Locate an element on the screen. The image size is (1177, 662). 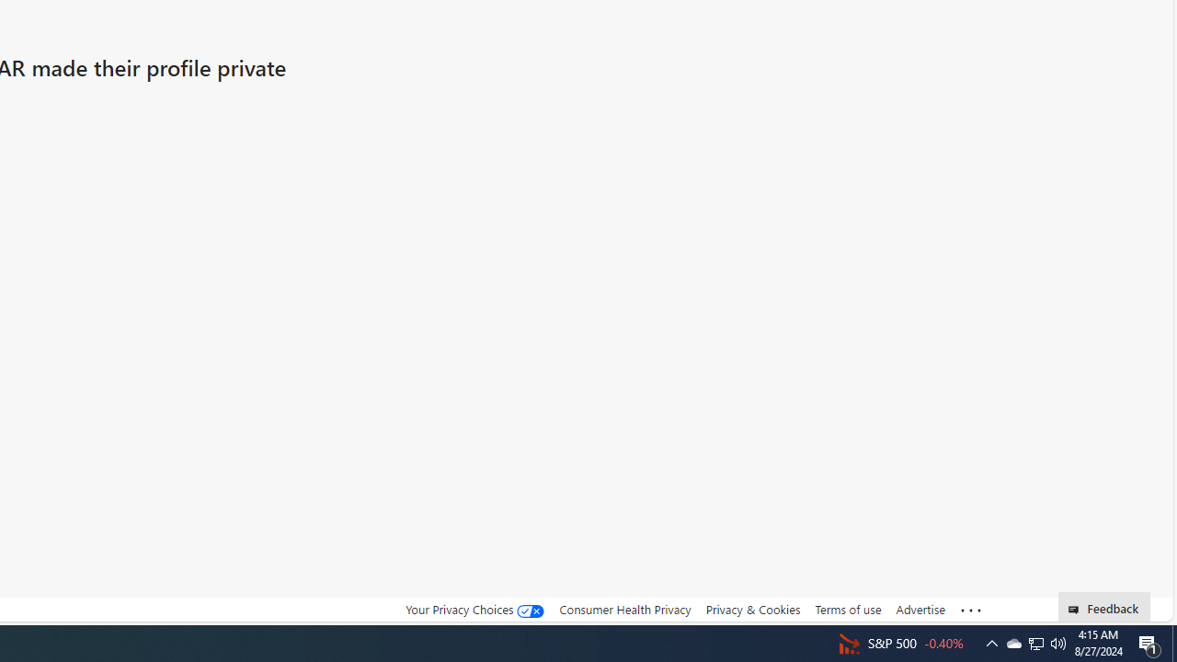
'Class: feedback_link_icon-DS-EntryPoint1-1' is located at coordinates (1077, 610).